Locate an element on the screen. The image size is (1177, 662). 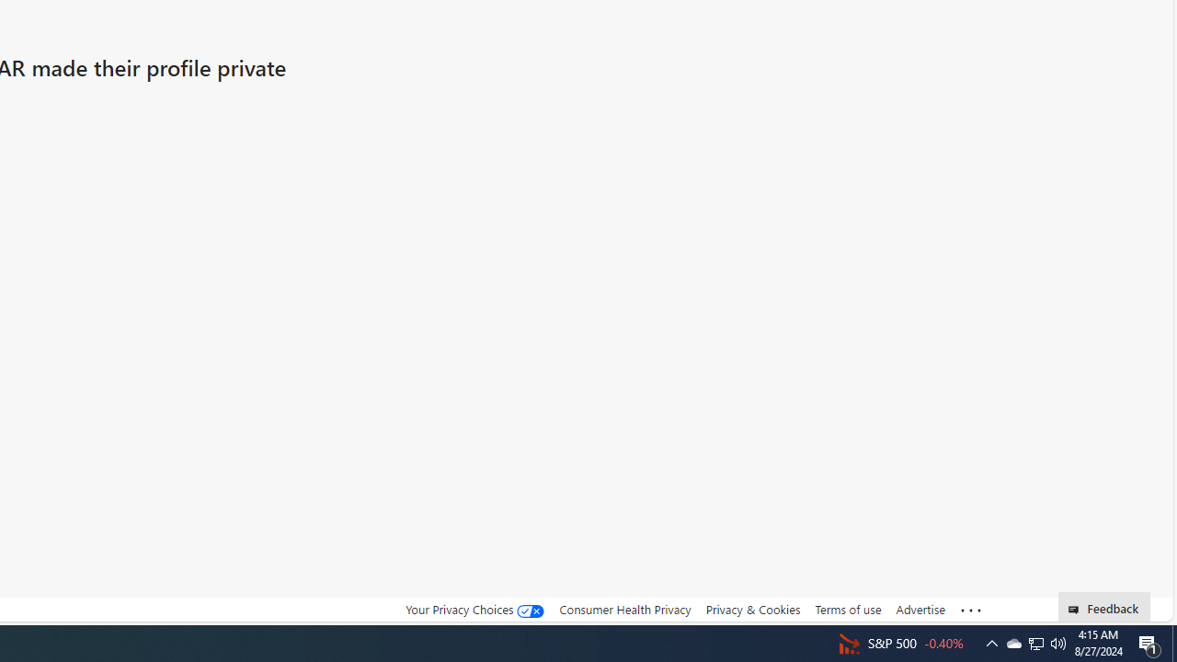
'Class: feedback_link_icon-DS-EntryPoint1-1' is located at coordinates (1077, 610).